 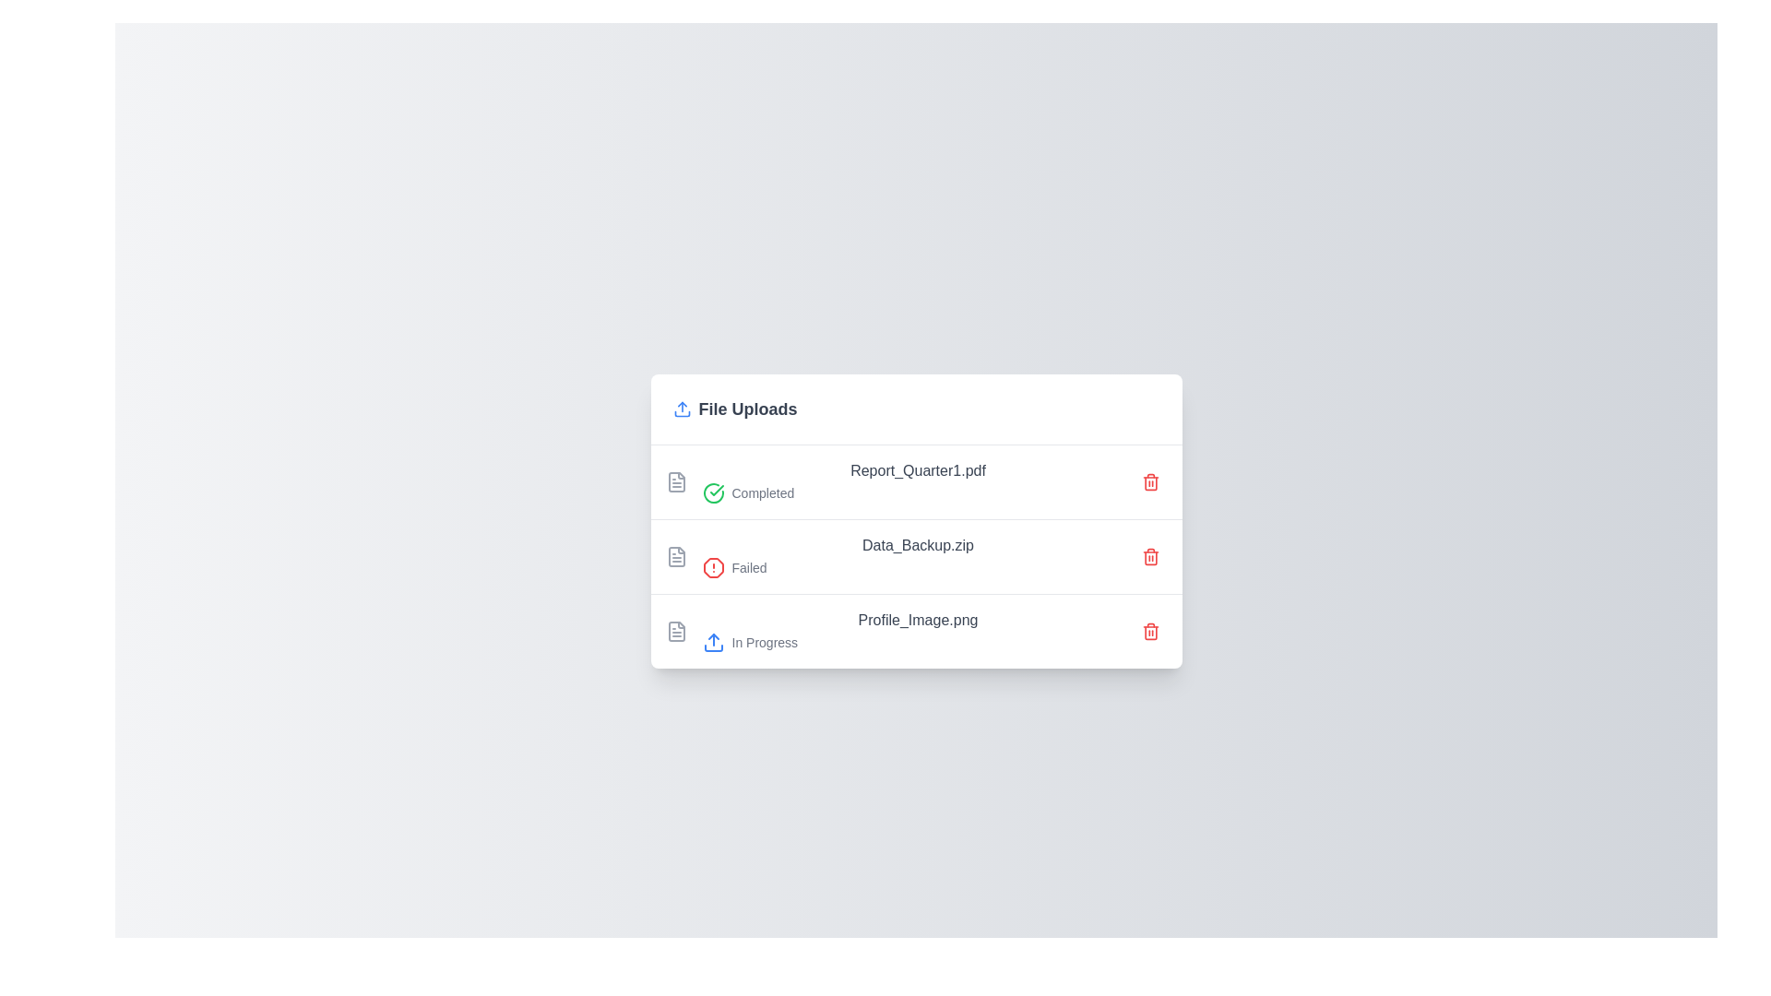 I want to click on the trash icon located in the last row of the file list, so click(x=1149, y=630).